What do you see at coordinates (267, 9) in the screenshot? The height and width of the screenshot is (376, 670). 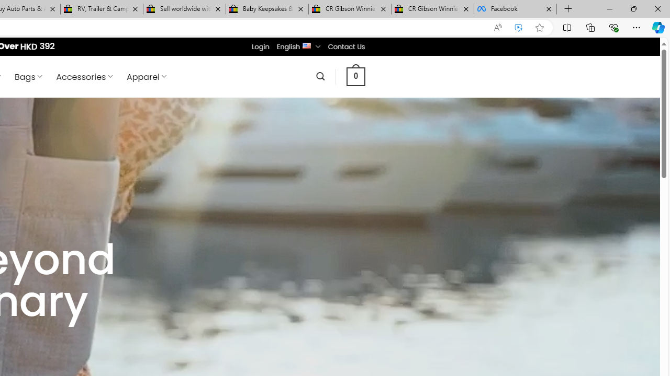 I see `'Baby Keepsakes & Announcements for sale | eBay'` at bounding box center [267, 9].